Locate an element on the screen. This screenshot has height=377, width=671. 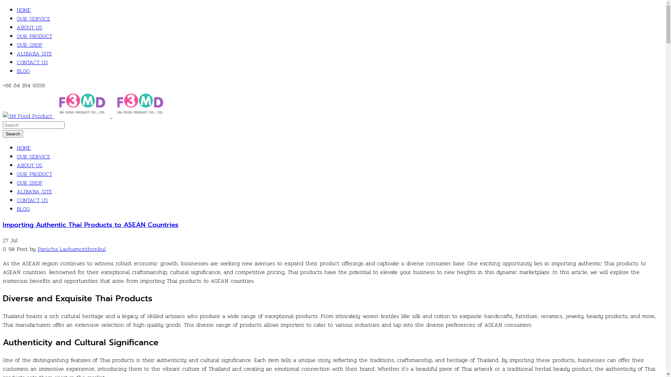
'HOME' is located at coordinates (23, 147).